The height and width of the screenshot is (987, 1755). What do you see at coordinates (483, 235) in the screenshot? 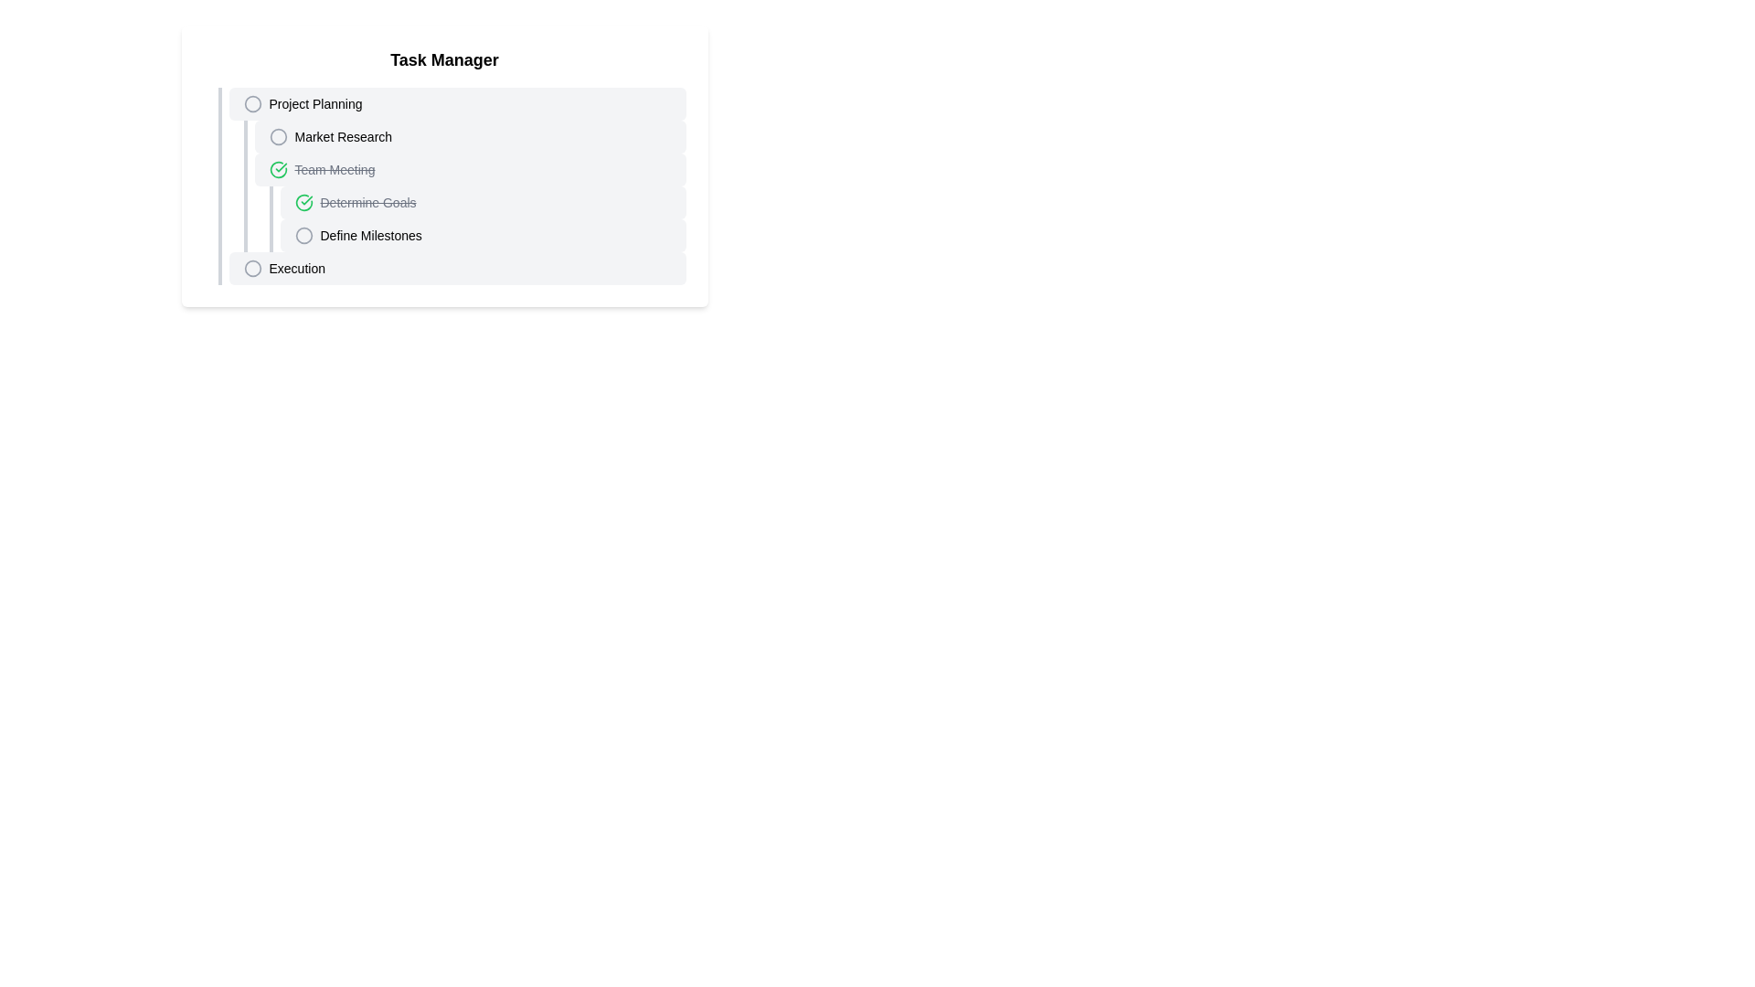
I see `the selectable task item for 'Define Milestones' within the project management interface` at bounding box center [483, 235].